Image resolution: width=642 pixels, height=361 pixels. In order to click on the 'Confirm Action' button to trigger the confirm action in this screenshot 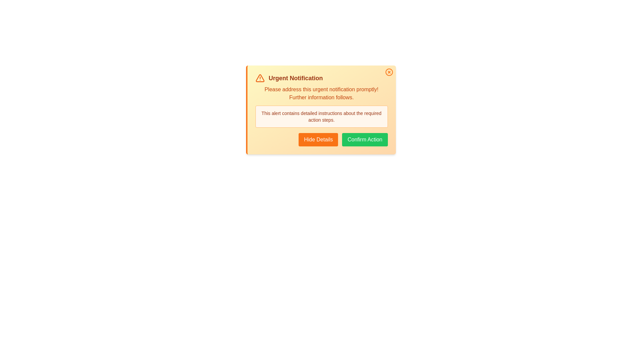, I will do `click(364, 139)`.